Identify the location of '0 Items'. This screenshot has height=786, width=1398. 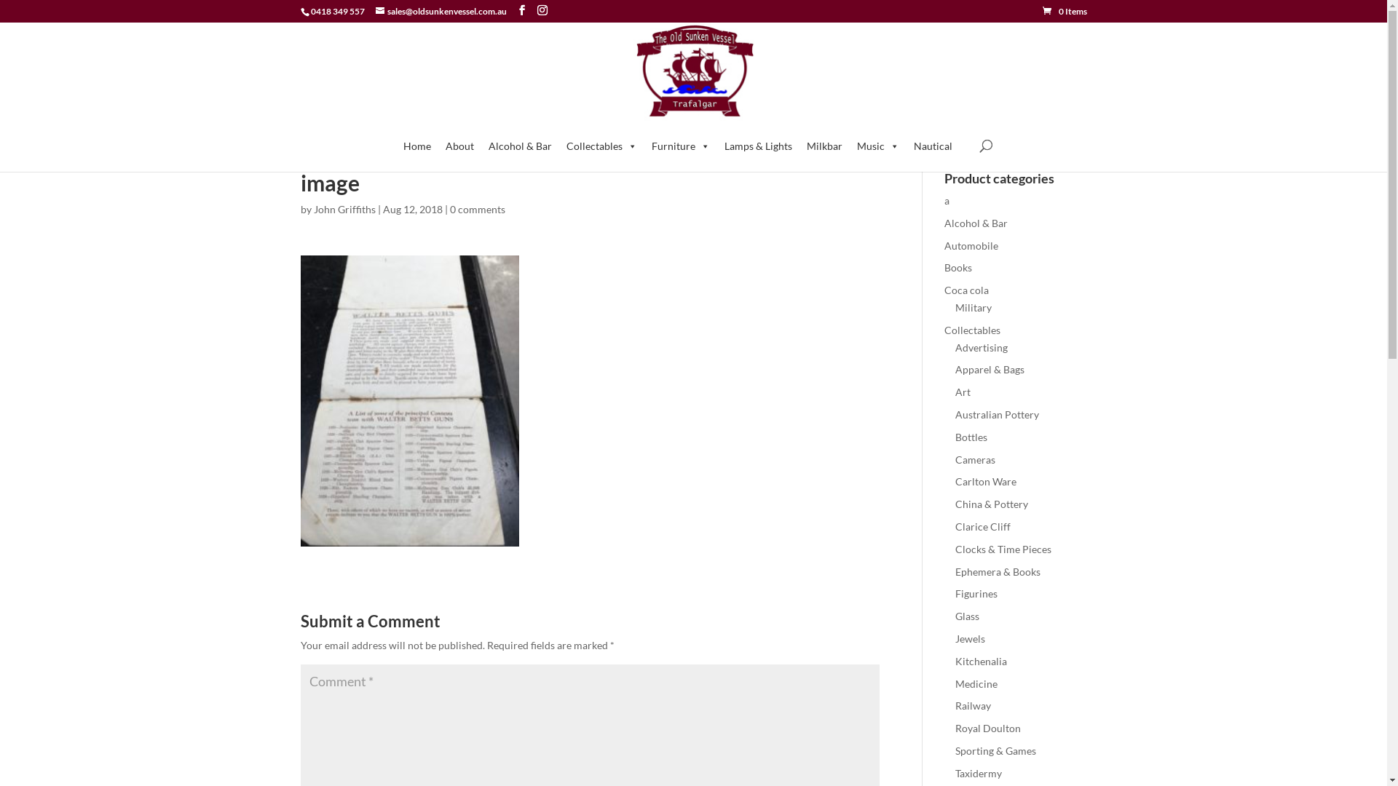
(1065, 11).